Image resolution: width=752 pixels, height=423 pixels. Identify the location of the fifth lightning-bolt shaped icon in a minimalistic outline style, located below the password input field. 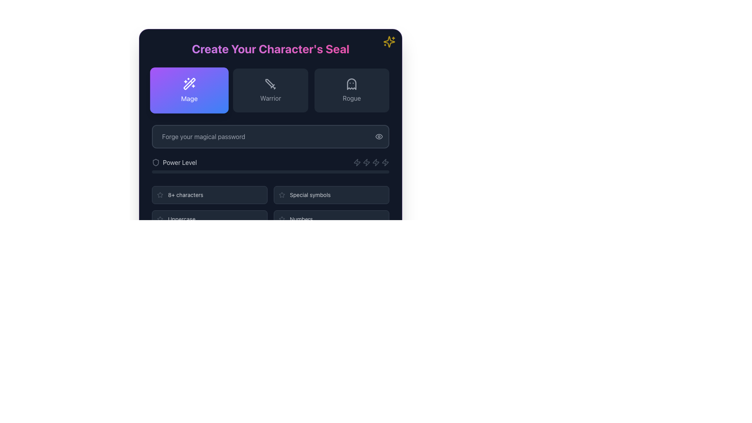
(376, 162).